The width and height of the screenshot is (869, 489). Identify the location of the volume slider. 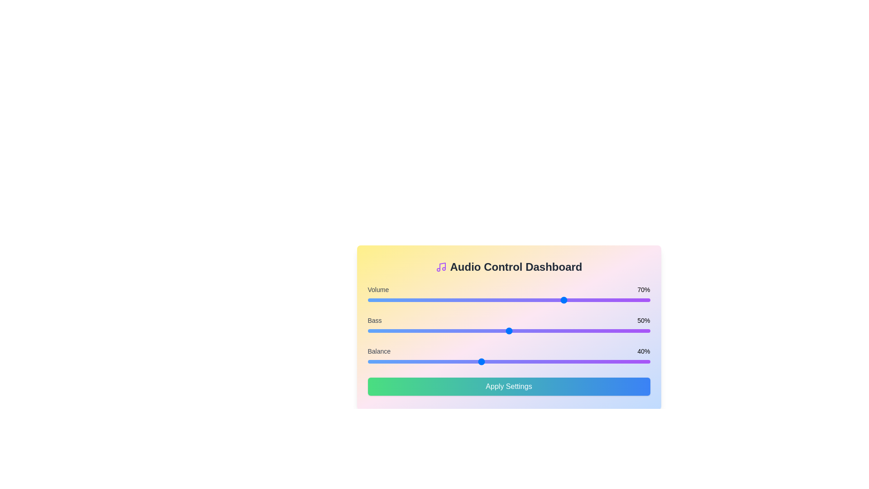
(565, 300).